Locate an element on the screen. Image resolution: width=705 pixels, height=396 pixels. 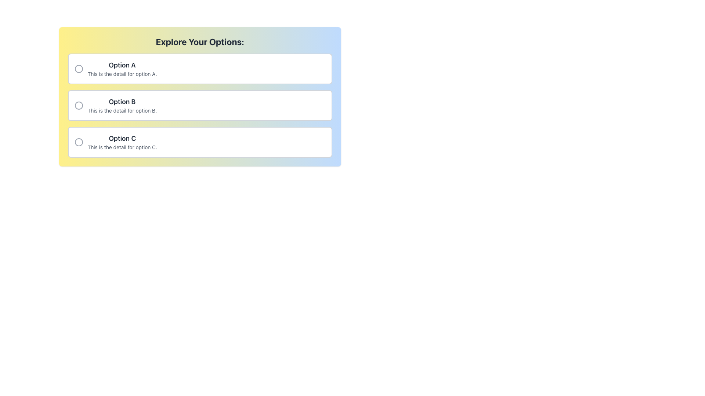
the radio button for 'Option B' is located at coordinates (200, 106).